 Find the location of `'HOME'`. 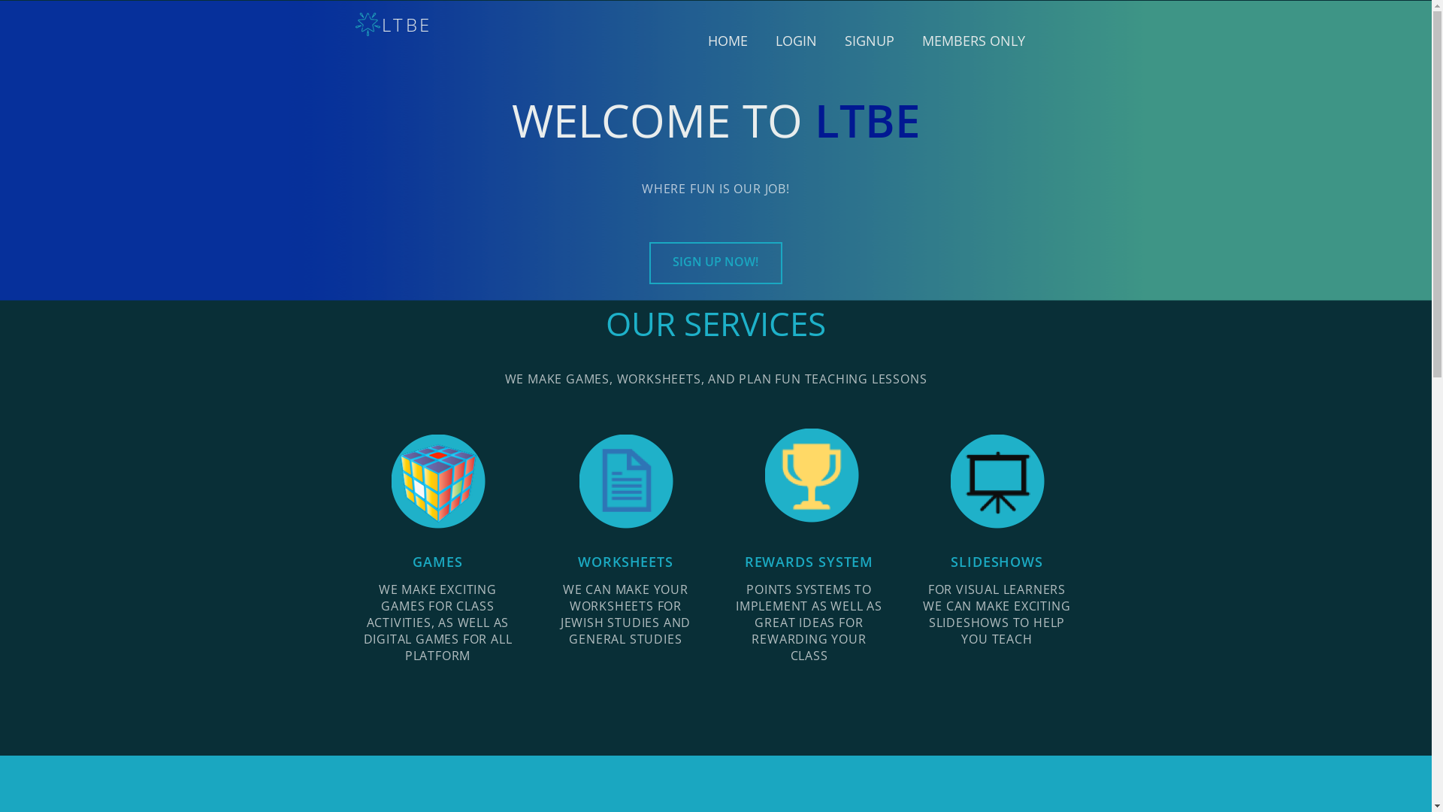

'HOME' is located at coordinates (728, 40).